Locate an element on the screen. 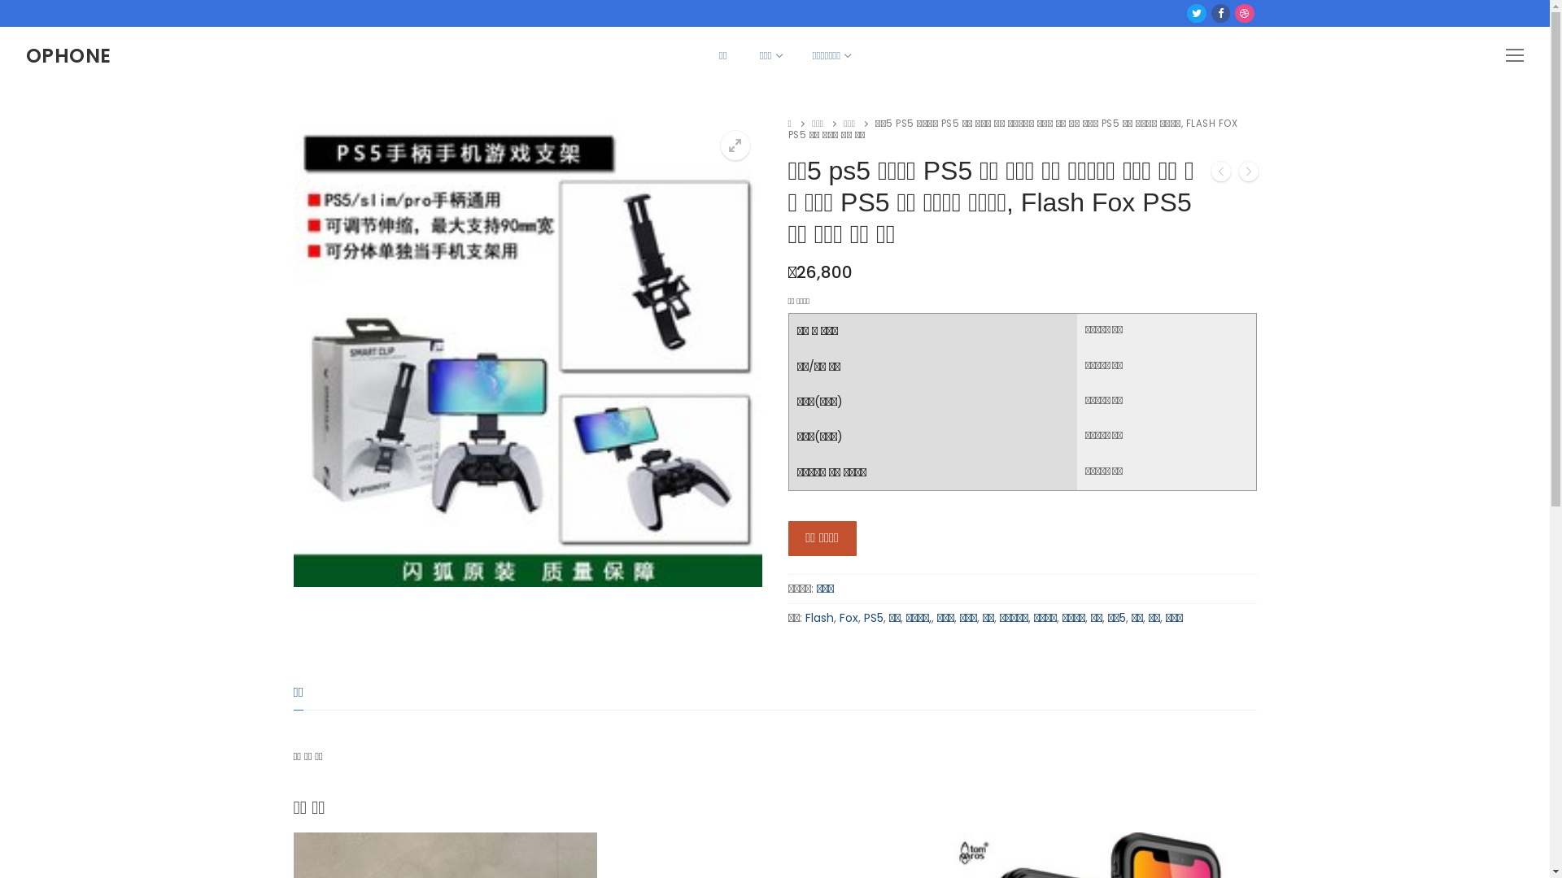 The width and height of the screenshot is (1562, 878). 'Twitter' is located at coordinates (1197, 13).